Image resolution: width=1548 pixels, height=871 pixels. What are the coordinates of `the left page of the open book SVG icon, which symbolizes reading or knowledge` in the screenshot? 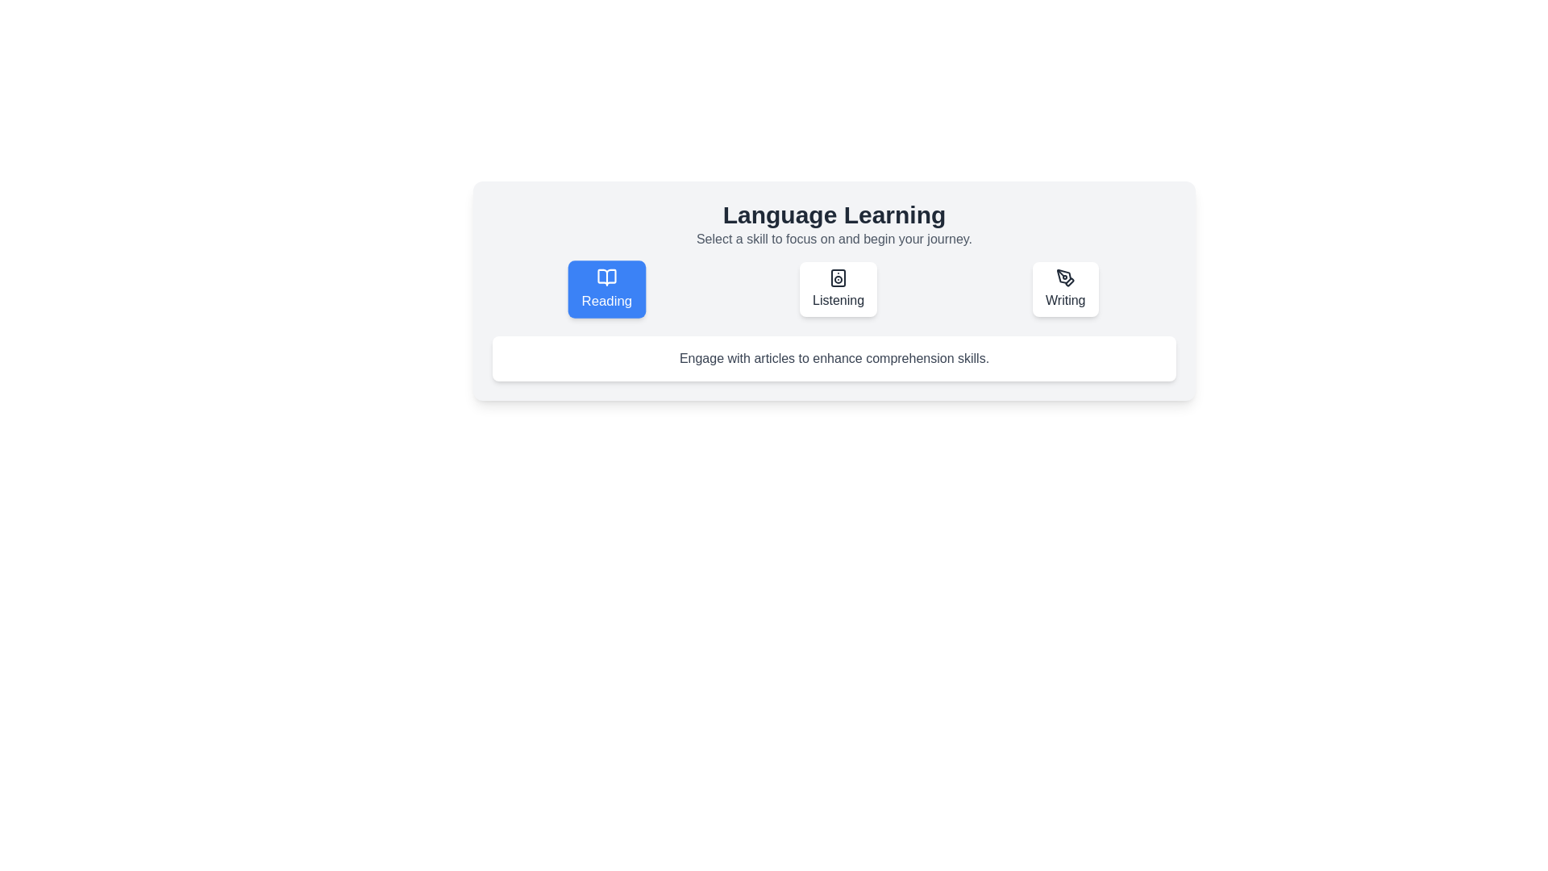 It's located at (606, 277).